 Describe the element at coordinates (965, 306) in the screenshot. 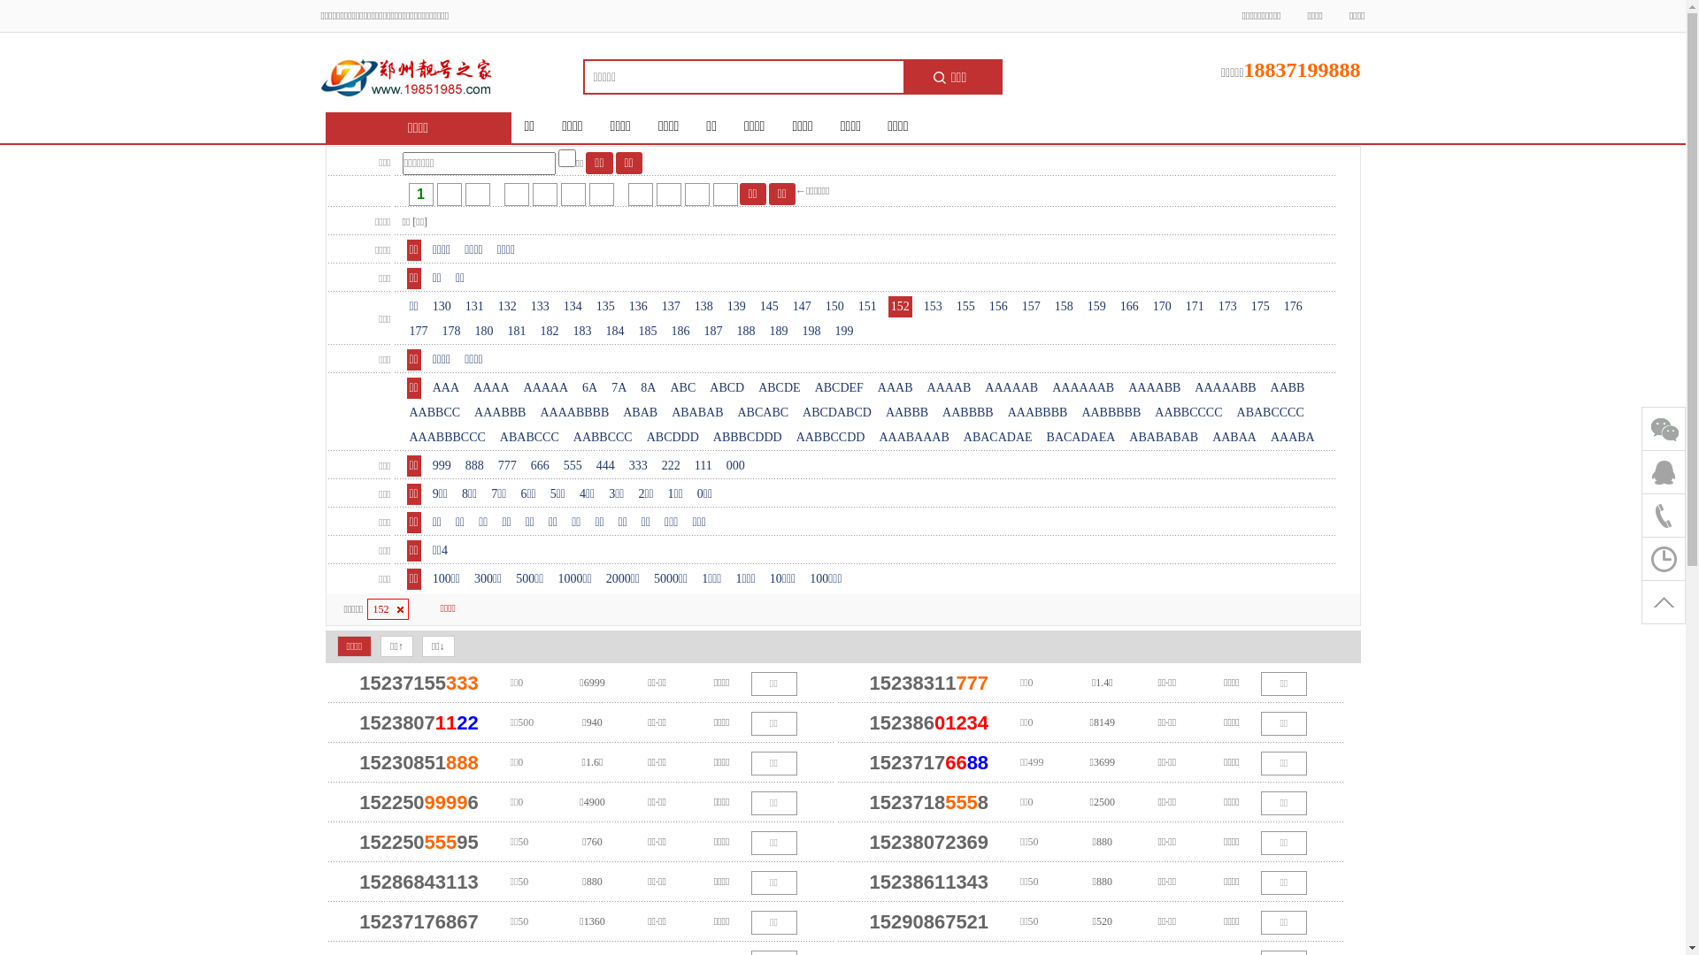

I see `'155'` at that location.